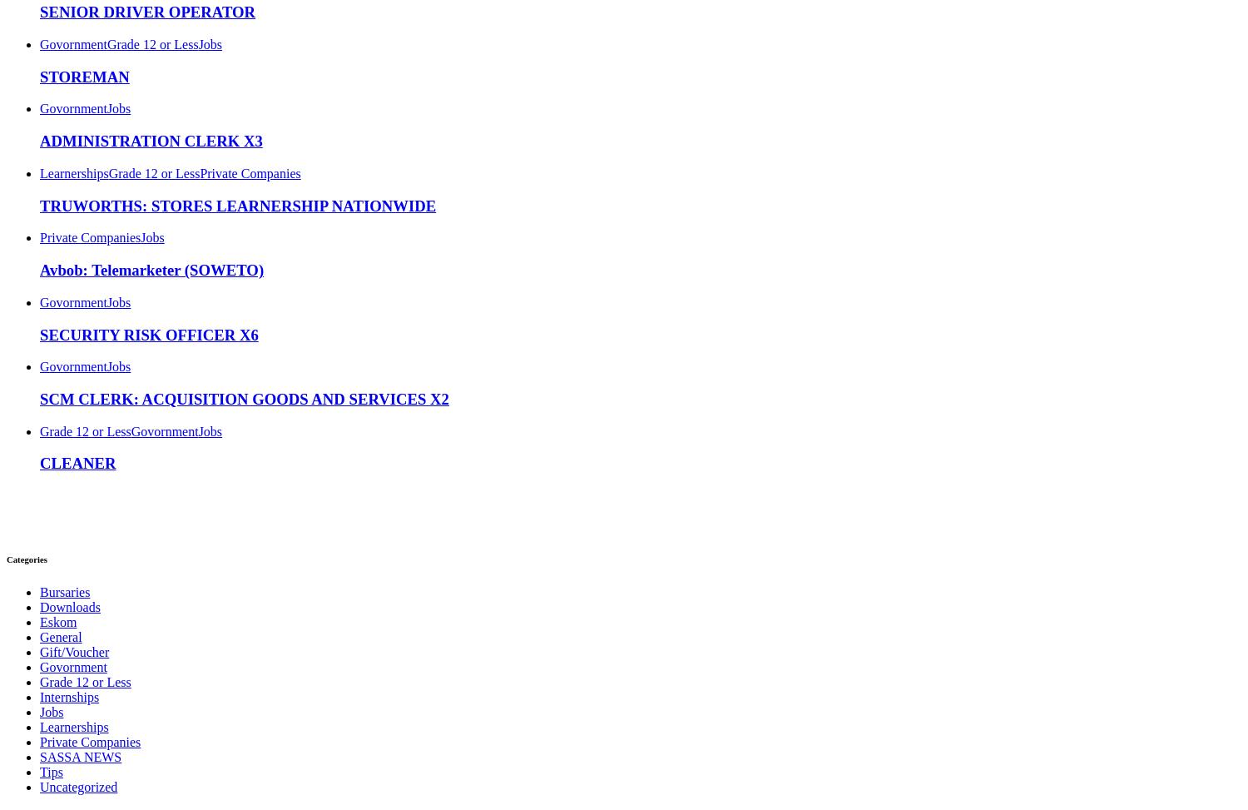  What do you see at coordinates (73, 651) in the screenshot?
I see `'Gift/Voucher'` at bounding box center [73, 651].